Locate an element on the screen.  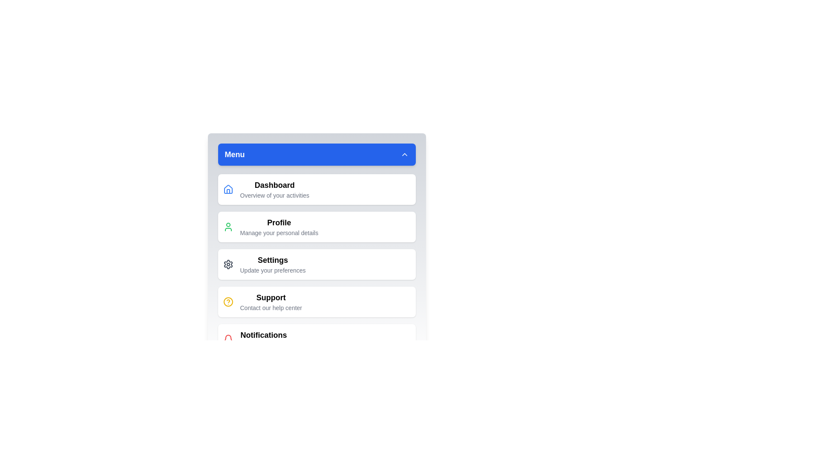
the help icon located at the leftmost position within the 'Support' menu item is located at coordinates (228, 302).